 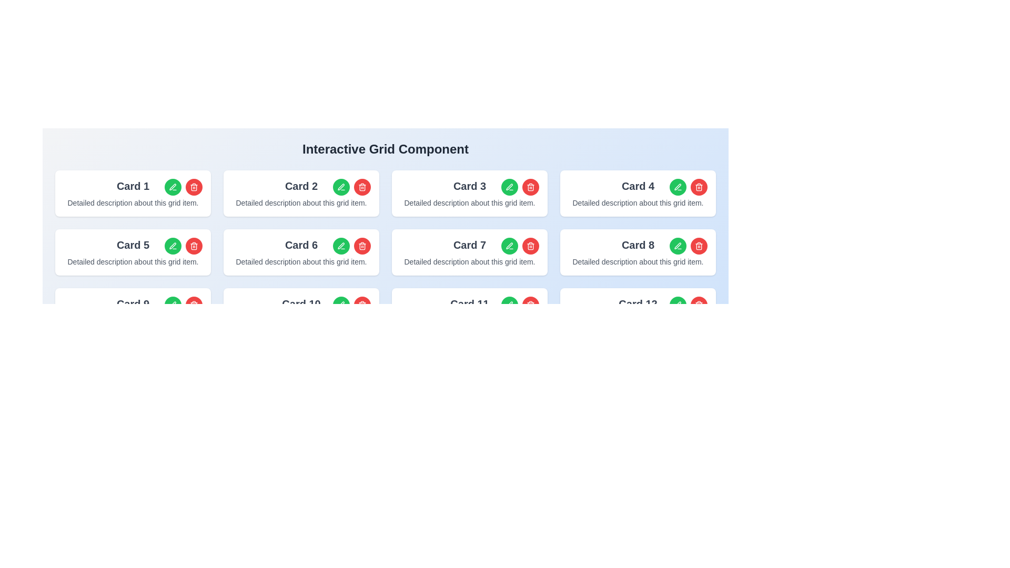 I want to click on static text label titled 'Card 11' located in the upper-left section of the eleventh card in the grid layout, so click(x=469, y=304).